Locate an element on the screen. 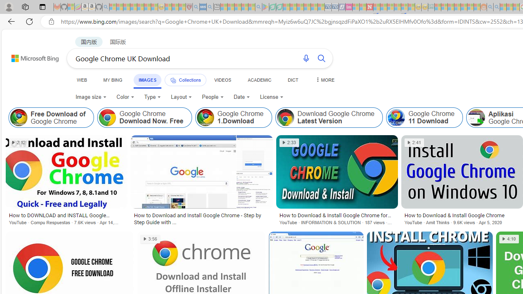  'Aplikasi Google Chrome Download' is located at coordinates (476, 118).